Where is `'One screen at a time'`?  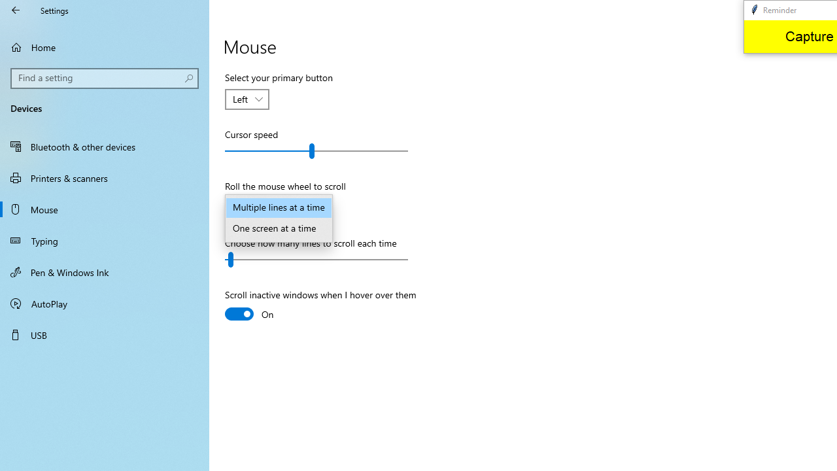
'One screen at a time' is located at coordinates (278, 228).